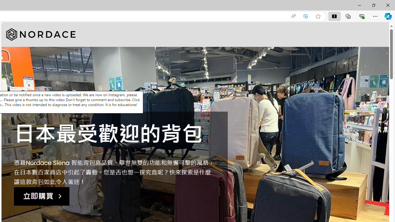 This screenshot has width=395, height=222. What do you see at coordinates (387, 5) in the screenshot?
I see `'Close'` at bounding box center [387, 5].